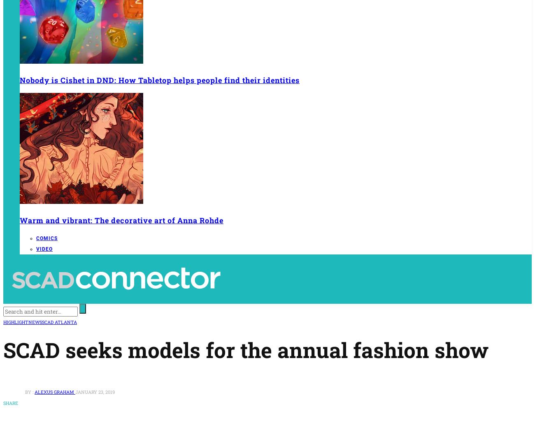 This screenshot has width=535, height=423. I want to click on 'by :', so click(29, 391).